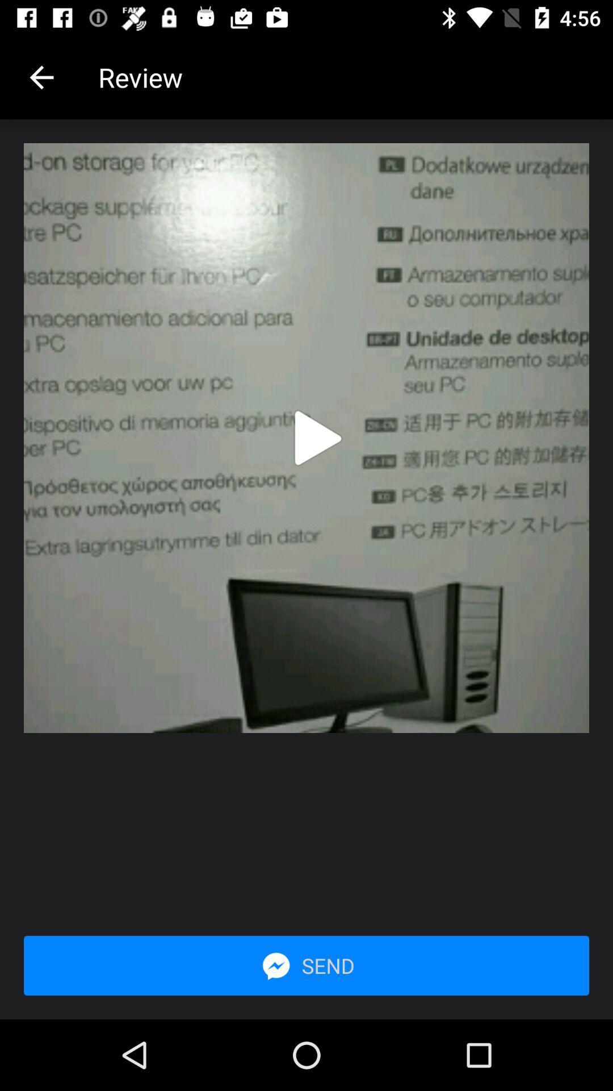 The width and height of the screenshot is (613, 1091). I want to click on video, so click(318, 438).